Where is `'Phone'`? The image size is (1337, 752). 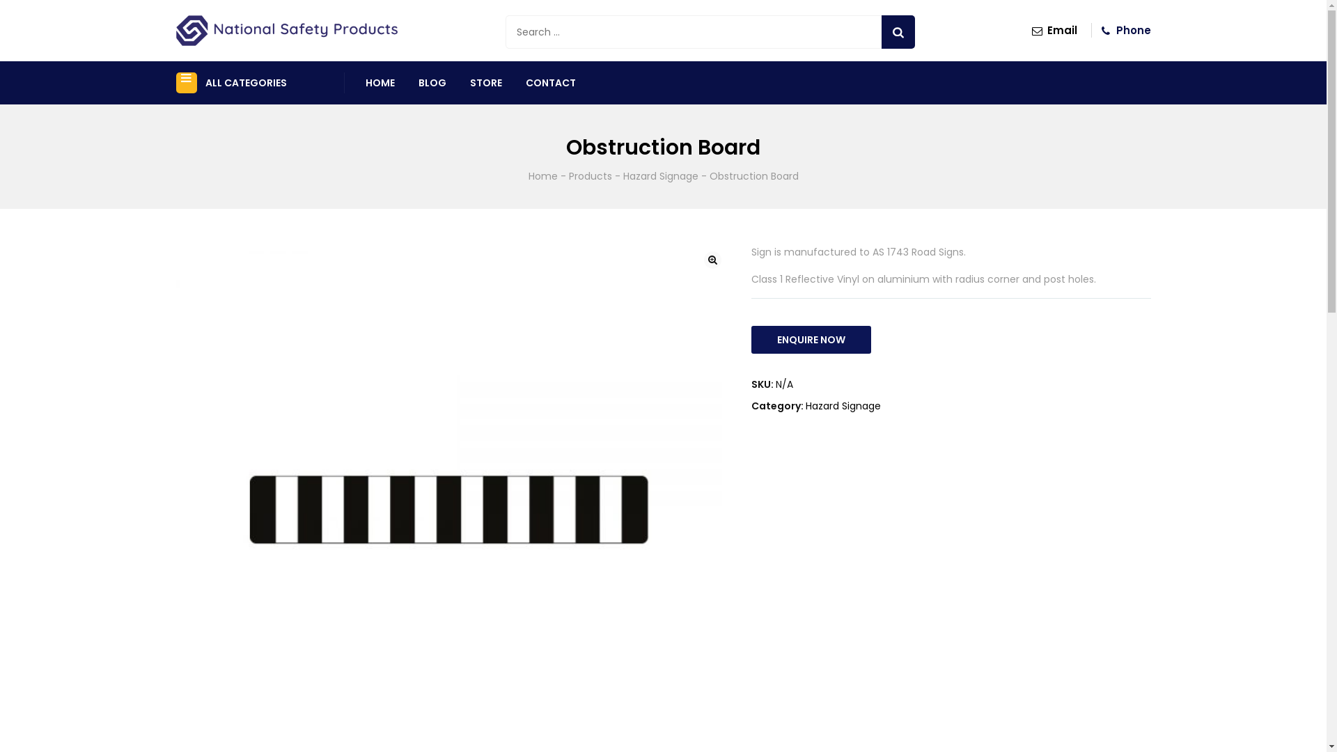 'Phone' is located at coordinates (1123, 30).